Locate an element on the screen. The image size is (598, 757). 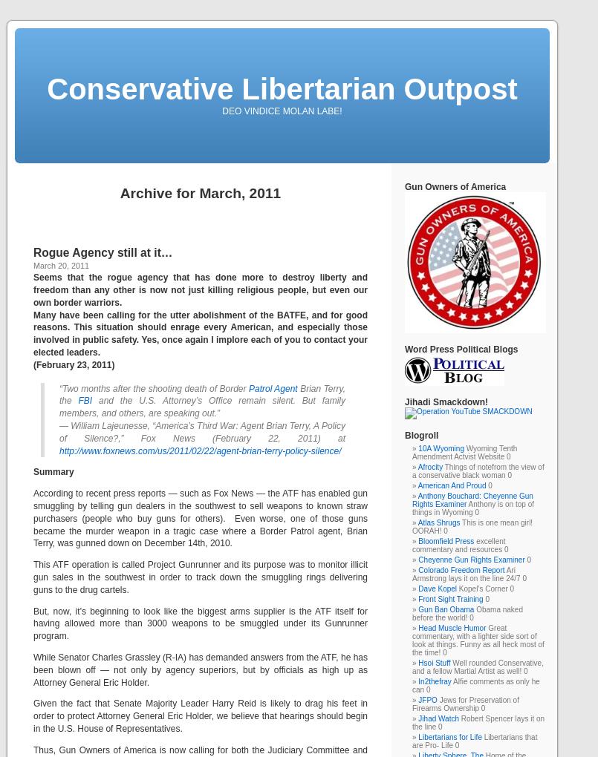
'Archive for March, 2011' is located at coordinates (200, 192).